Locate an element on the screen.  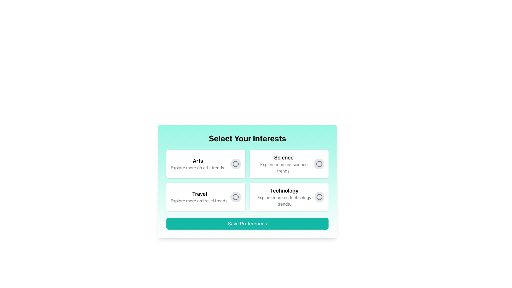
the radio button on the 'Technology' card located in the bottom-right section of the grid layout to focus is located at coordinates (289, 197).